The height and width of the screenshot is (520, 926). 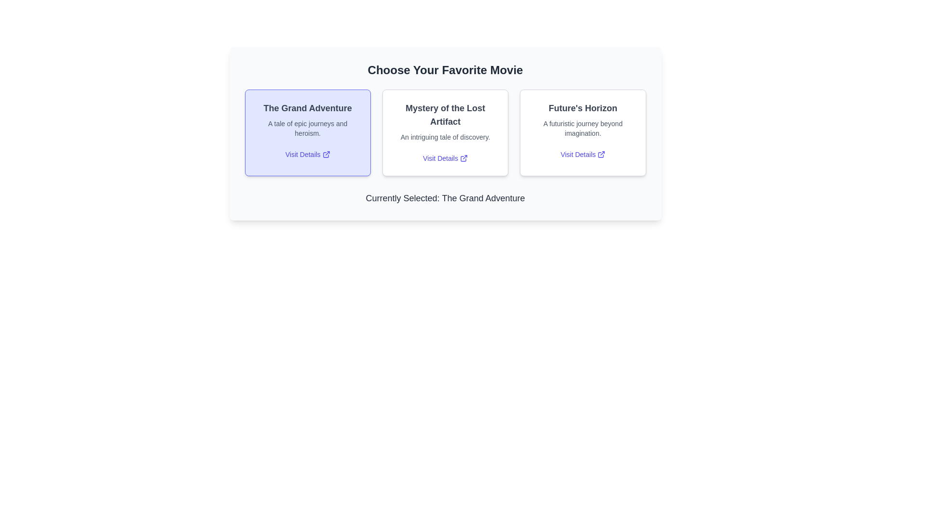 What do you see at coordinates (483, 198) in the screenshot?
I see `the text label indicating the current selection, which highlights 'The Grand Adventure' in the movie selector feature` at bounding box center [483, 198].